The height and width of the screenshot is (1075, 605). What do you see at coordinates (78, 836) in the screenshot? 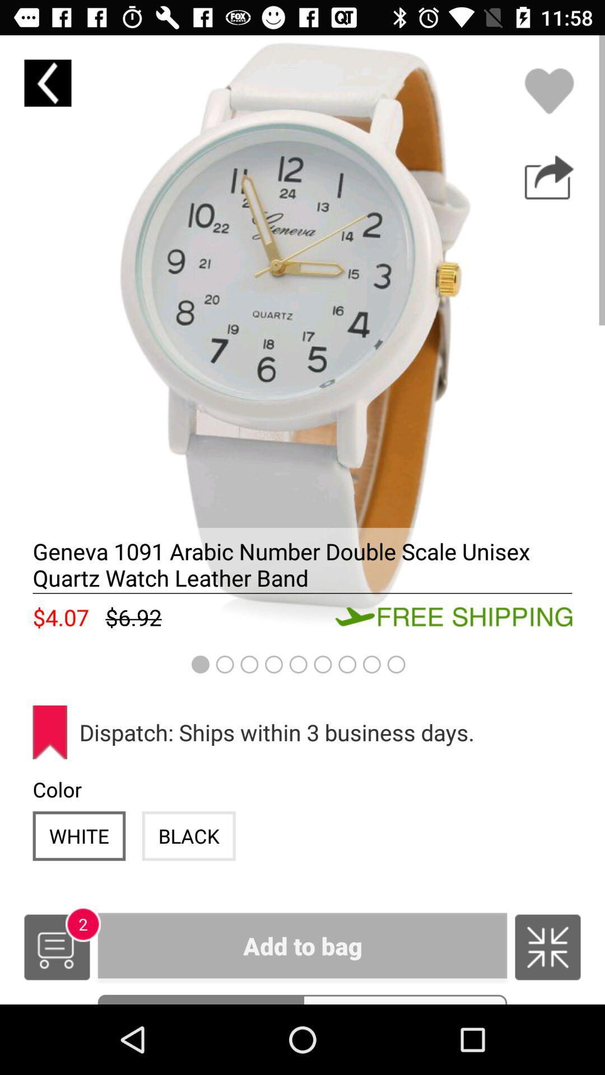
I see `icon next to the black icon` at bounding box center [78, 836].